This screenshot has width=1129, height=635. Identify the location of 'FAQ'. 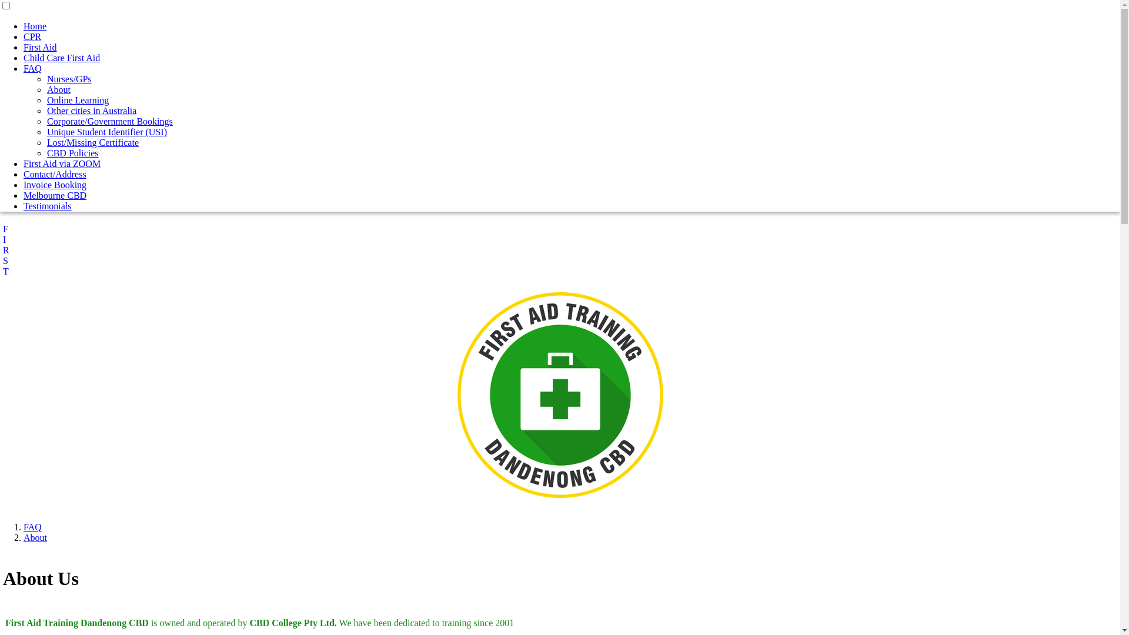
(32, 68).